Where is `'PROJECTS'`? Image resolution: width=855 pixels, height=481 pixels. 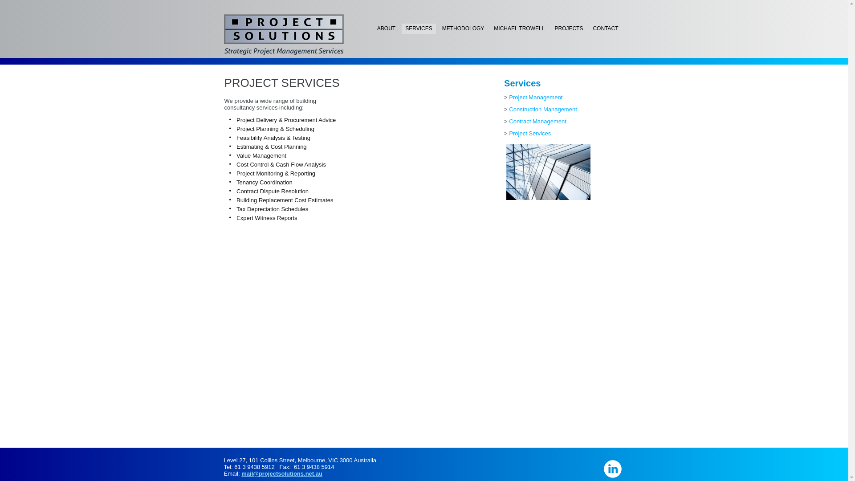 'PROJECTS' is located at coordinates (568, 28).